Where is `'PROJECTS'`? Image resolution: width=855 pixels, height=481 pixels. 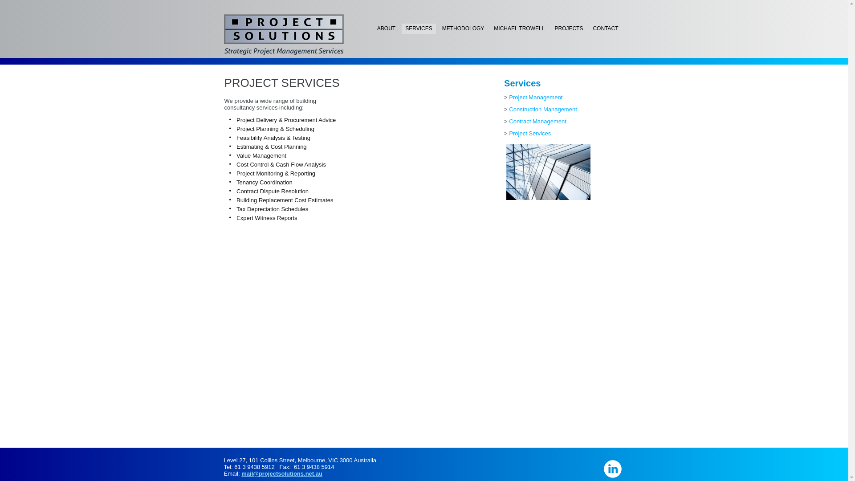 'PROJECTS' is located at coordinates (568, 28).